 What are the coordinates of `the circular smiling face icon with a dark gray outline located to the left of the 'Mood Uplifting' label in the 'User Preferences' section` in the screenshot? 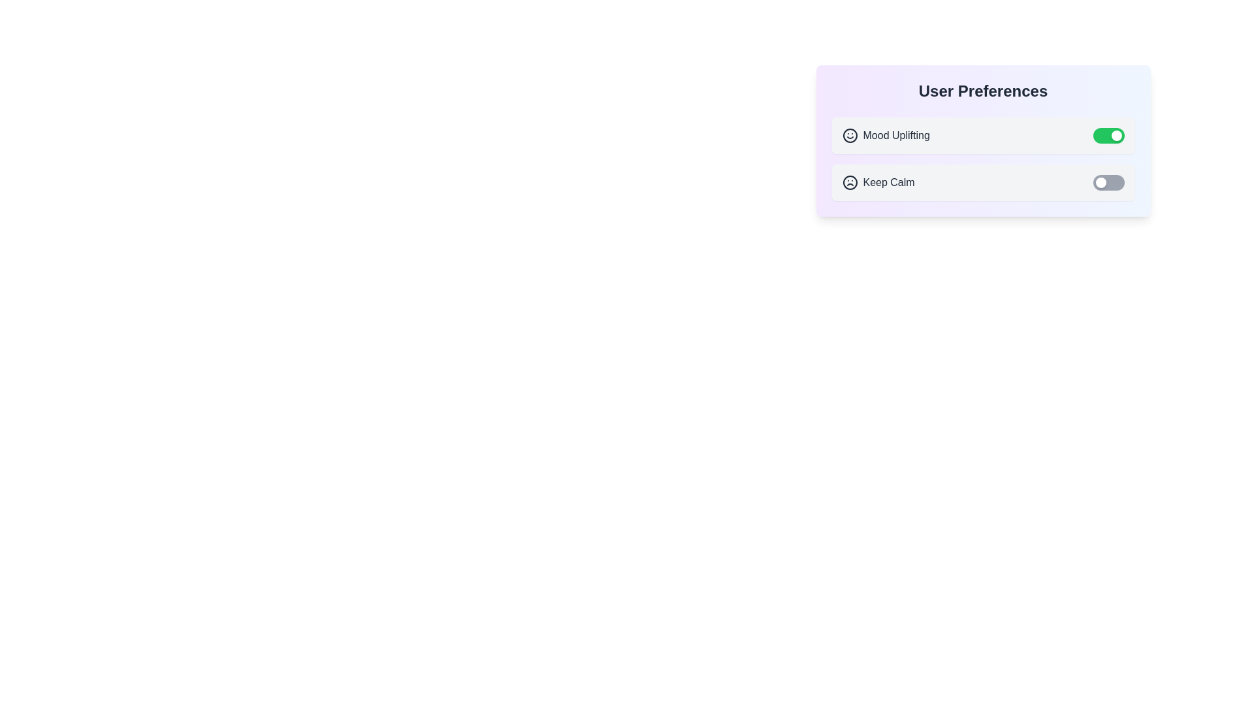 It's located at (850, 136).